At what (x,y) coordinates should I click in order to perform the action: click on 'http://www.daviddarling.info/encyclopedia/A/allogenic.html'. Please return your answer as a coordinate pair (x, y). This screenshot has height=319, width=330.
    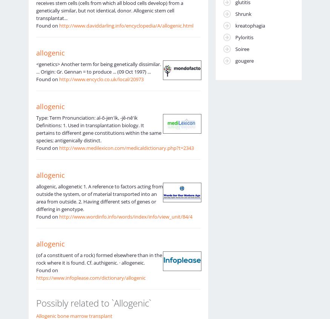
    Looking at the image, I should click on (126, 25).